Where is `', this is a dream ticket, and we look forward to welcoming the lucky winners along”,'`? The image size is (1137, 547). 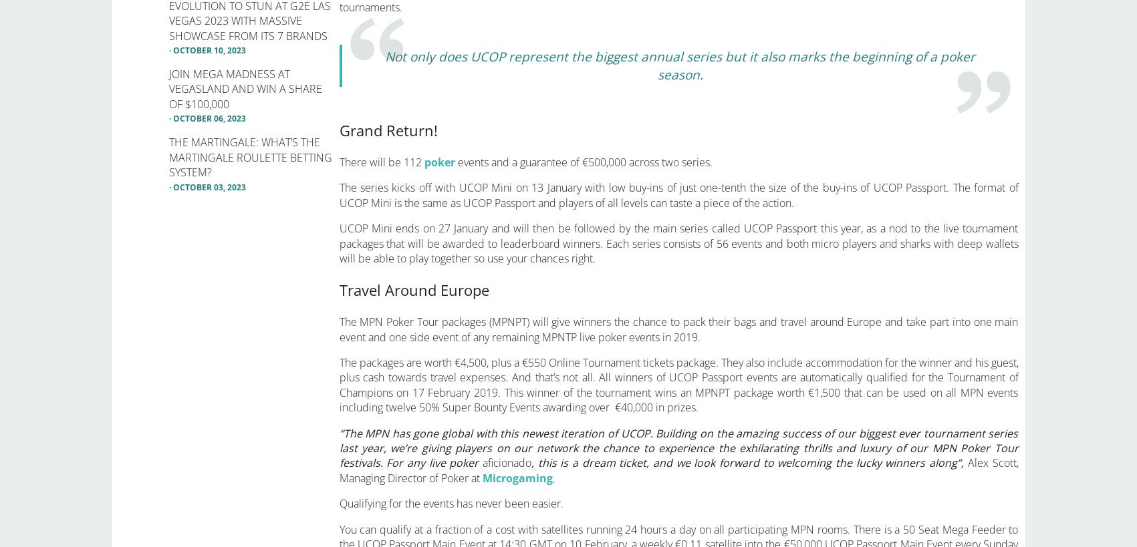 ', this is a dream ticket, and we look forward to welcoming the lucky winners along”,' is located at coordinates (747, 463).